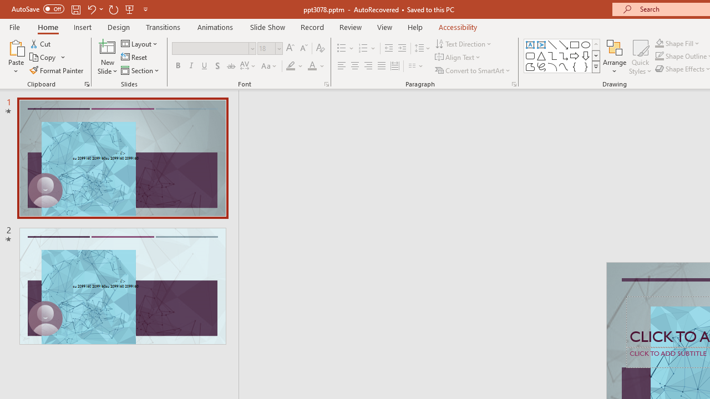 The height and width of the screenshot is (399, 710). Describe the element at coordinates (660, 43) in the screenshot. I see `'Shape Fill Dark Green, Accent 2'` at that location.